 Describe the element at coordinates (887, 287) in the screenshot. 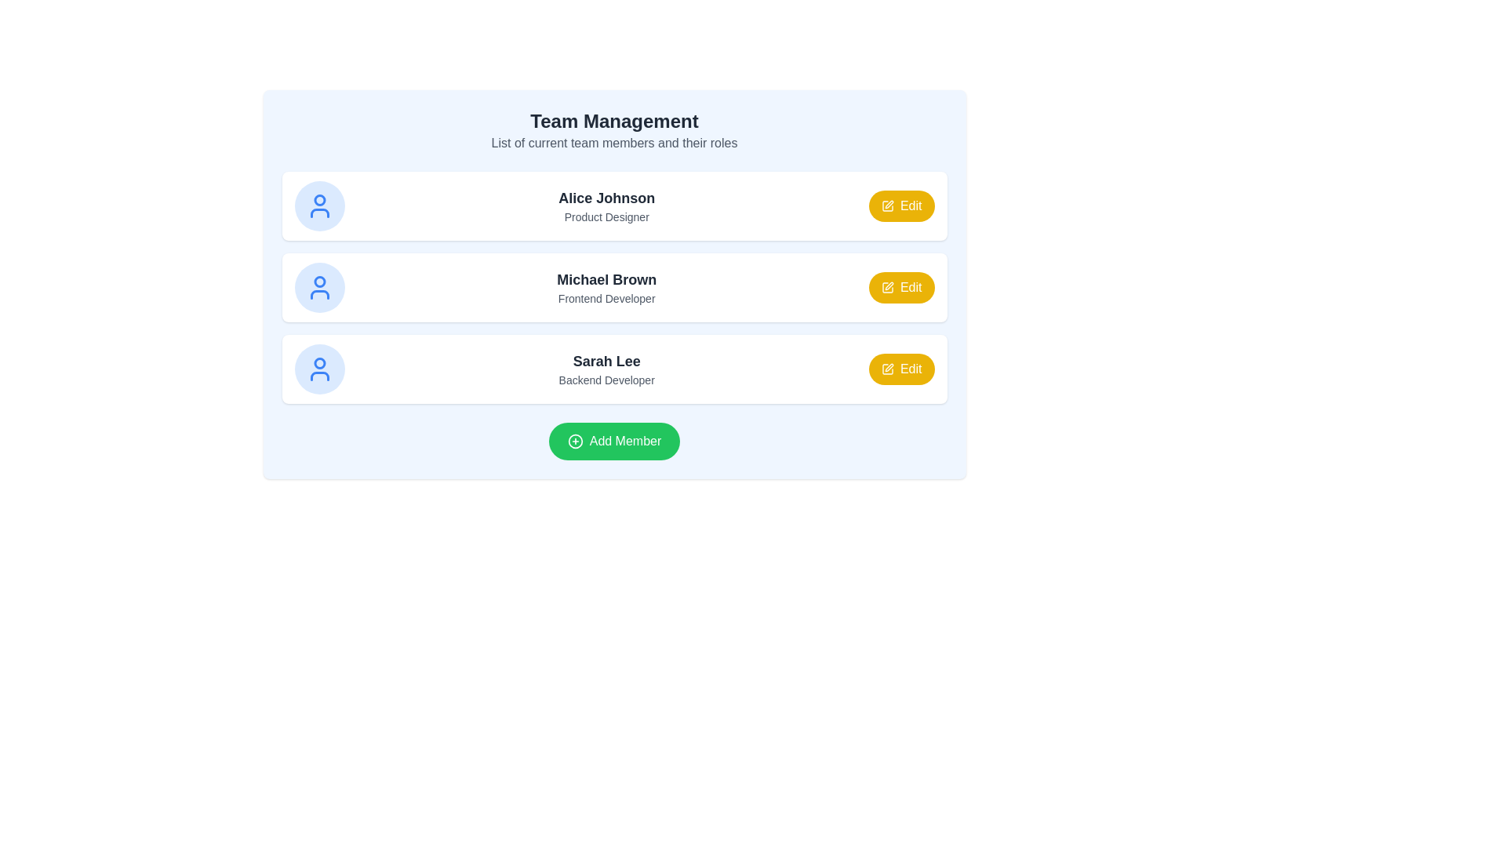

I see `the SVG pen icon within the yellow circular 'Edit' button located in the second list entry for 'Michael Brown - Frontend Developer'` at that location.